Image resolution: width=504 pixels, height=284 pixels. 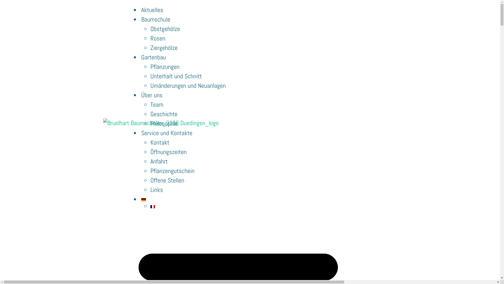 What do you see at coordinates (156, 190) in the screenshot?
I see `'Links'` at bounding box center [156, 190].